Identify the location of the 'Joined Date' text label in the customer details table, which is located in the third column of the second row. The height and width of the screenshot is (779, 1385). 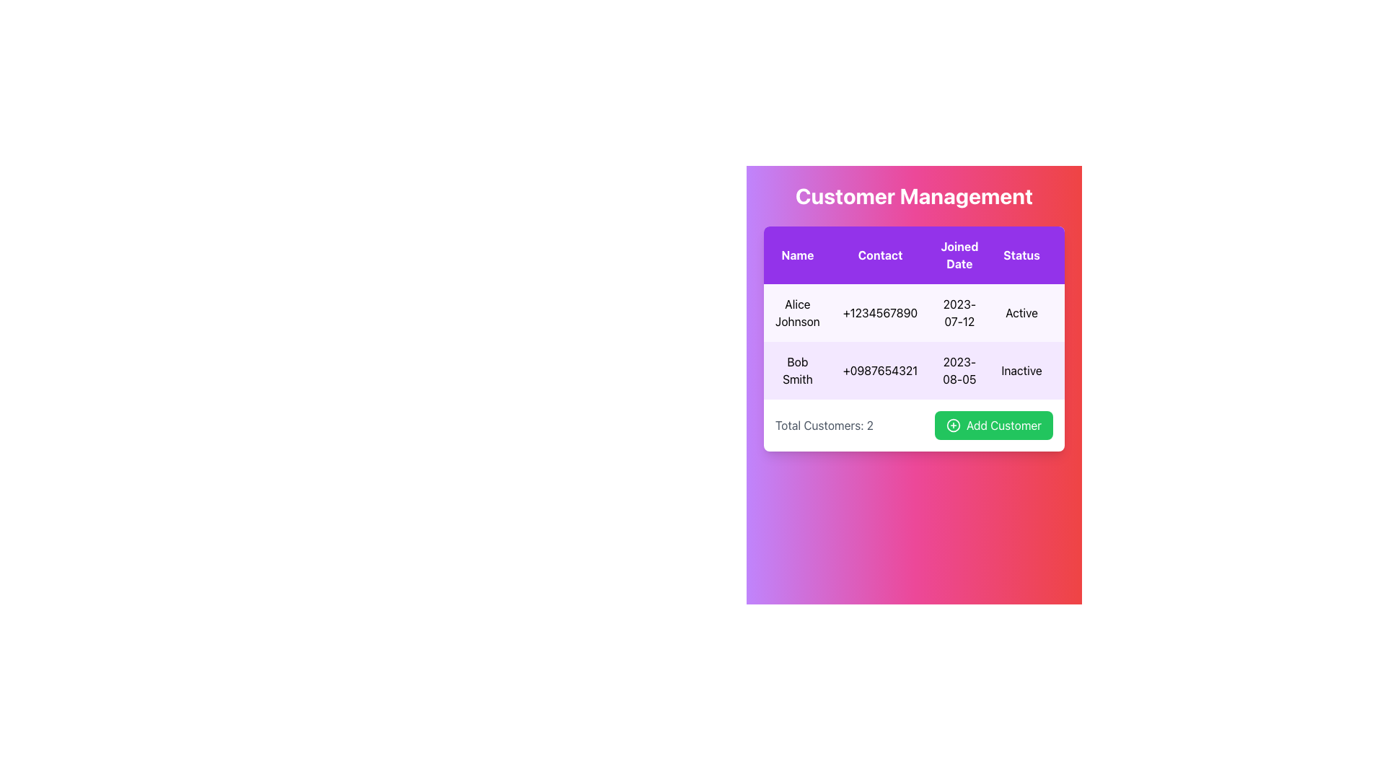
(959, 369).